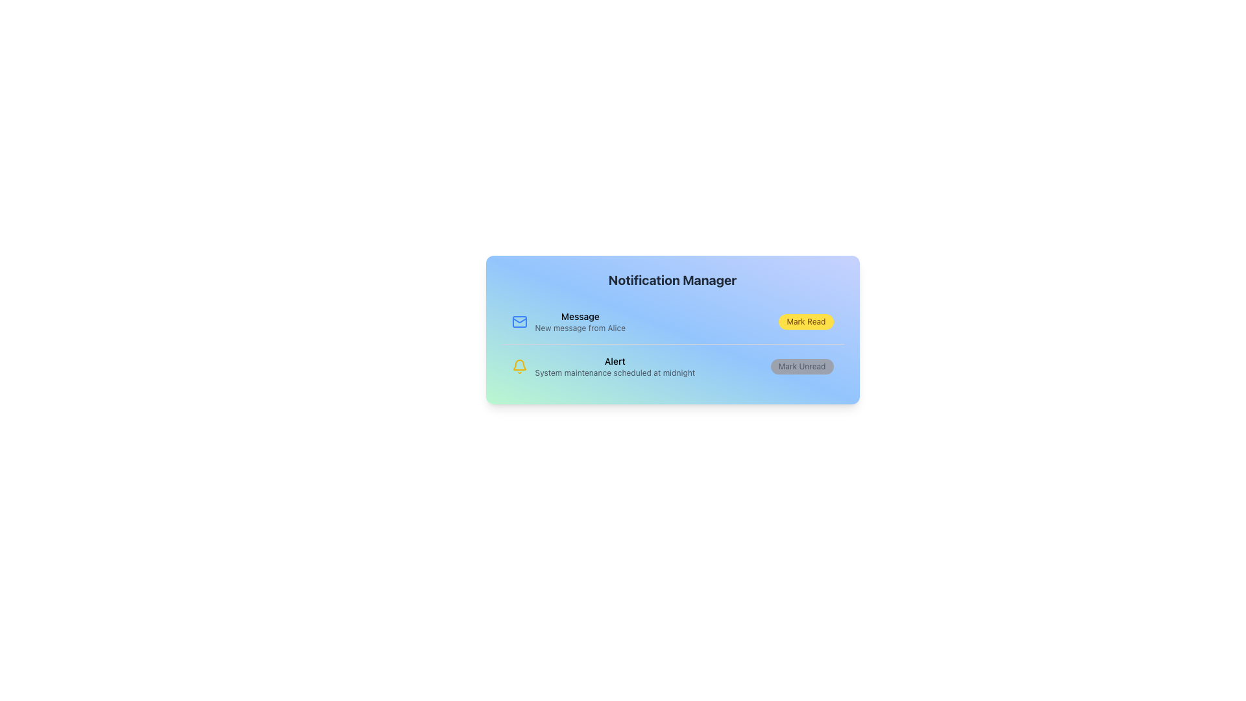  Describe the element at coordinates (801, 366) in the screenshot. I see `the 'Mark Unread' button located on the far-right of the notification bar under the 'Alert' section to mark the notification as unread` at that location.